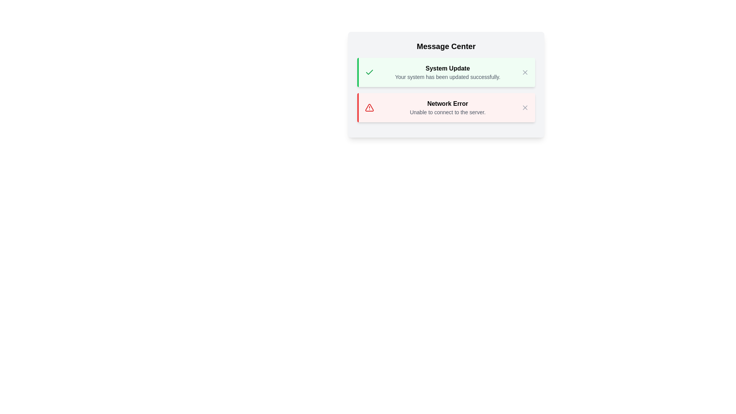  Describe the element at coordinates (447, 72) in the screenshot. I see `the text block titled 'System Update' that contains the description 'Your system has been updated successfully.'` at that location.